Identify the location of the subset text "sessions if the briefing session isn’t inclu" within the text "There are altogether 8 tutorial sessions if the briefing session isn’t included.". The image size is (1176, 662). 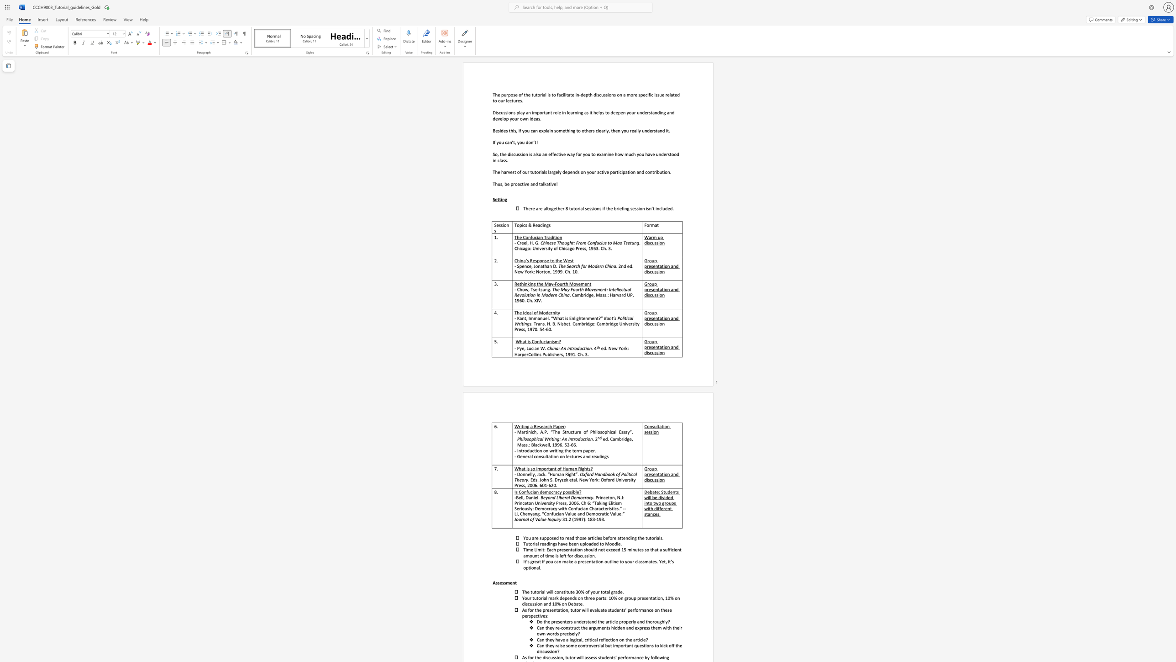
(584, 208).